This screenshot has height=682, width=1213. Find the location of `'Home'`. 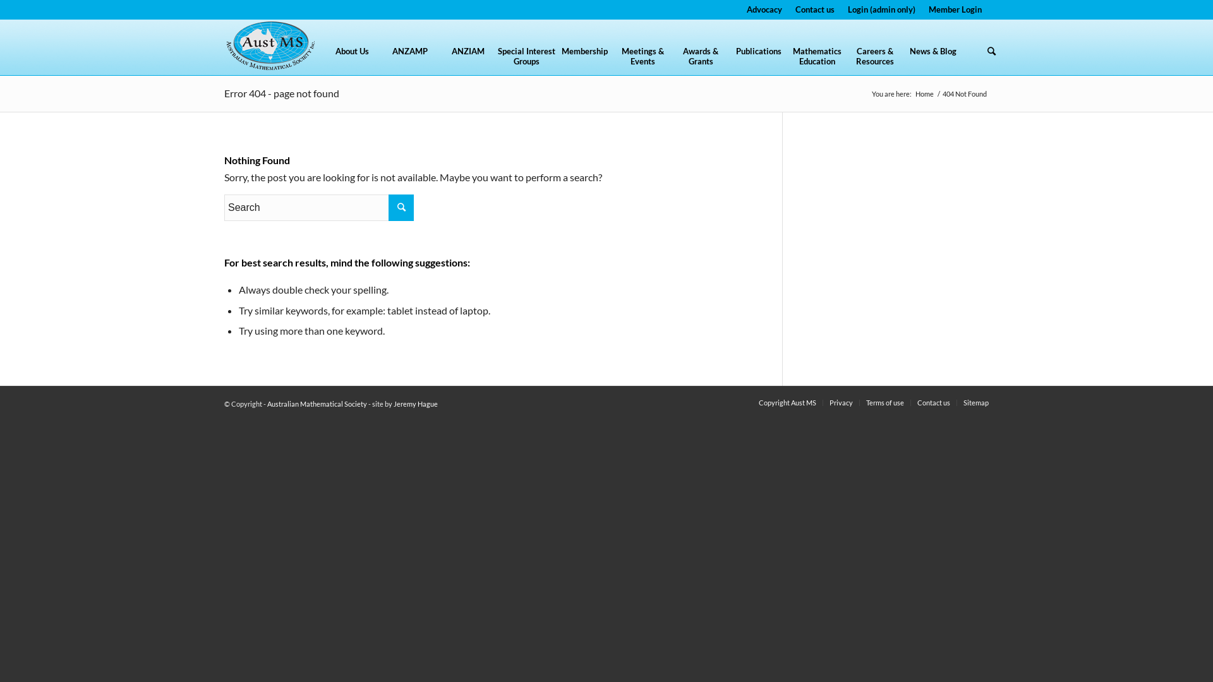

'Home' is located at coordinates (924, 93).